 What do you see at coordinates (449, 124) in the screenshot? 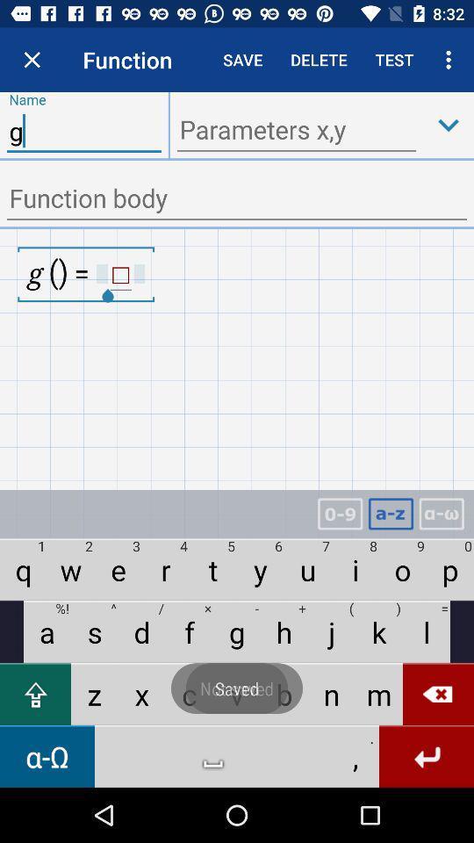
I see `button` at bounding box center [449, 124].